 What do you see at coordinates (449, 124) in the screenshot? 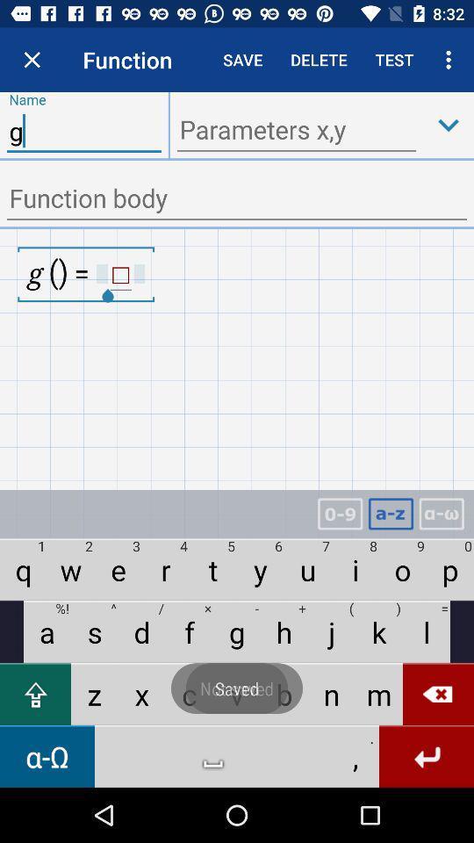
I see `button` at bounding box center [449, 124].